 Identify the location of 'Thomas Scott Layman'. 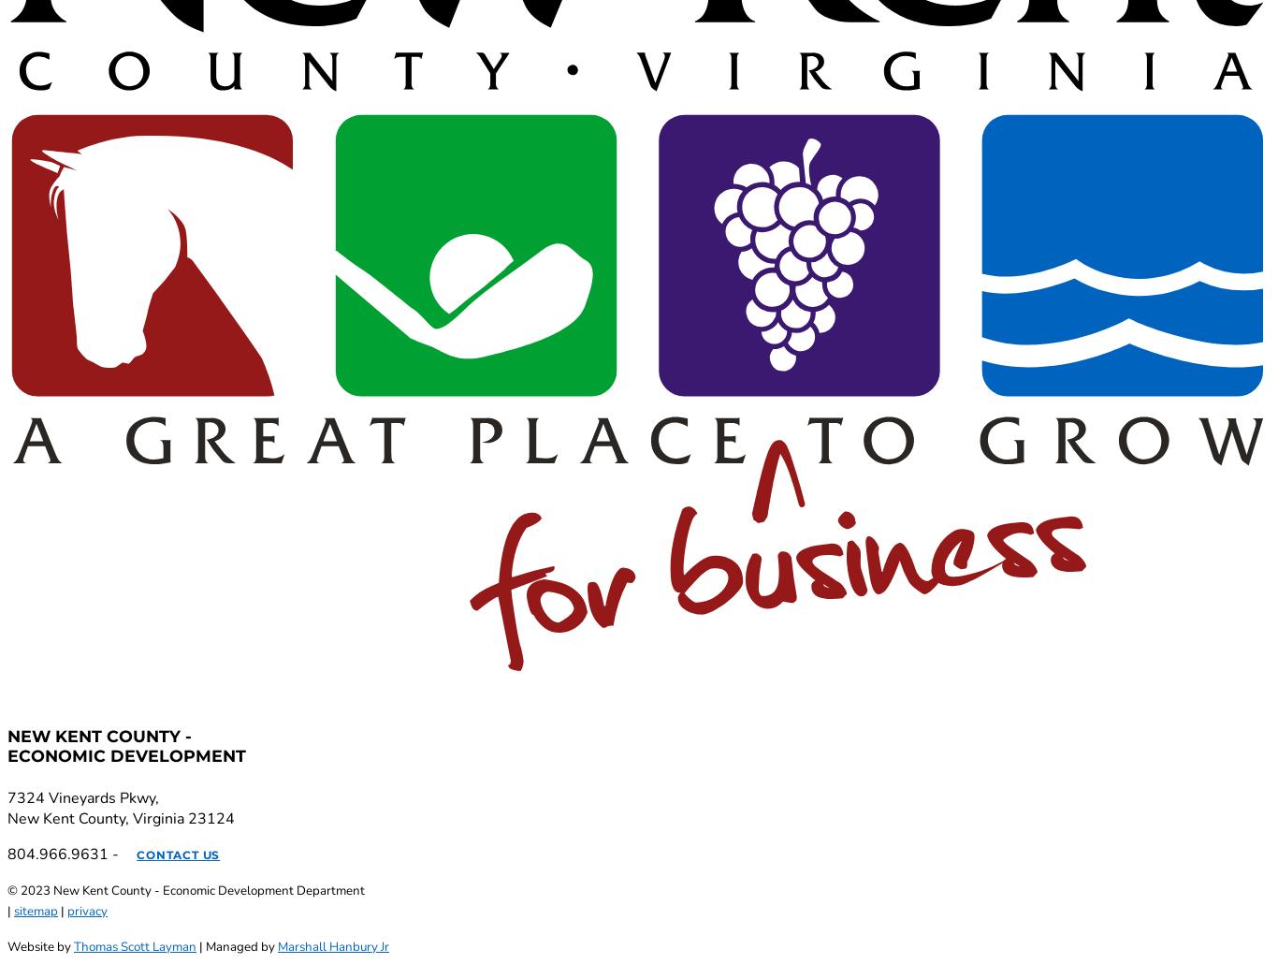
(134, 945).